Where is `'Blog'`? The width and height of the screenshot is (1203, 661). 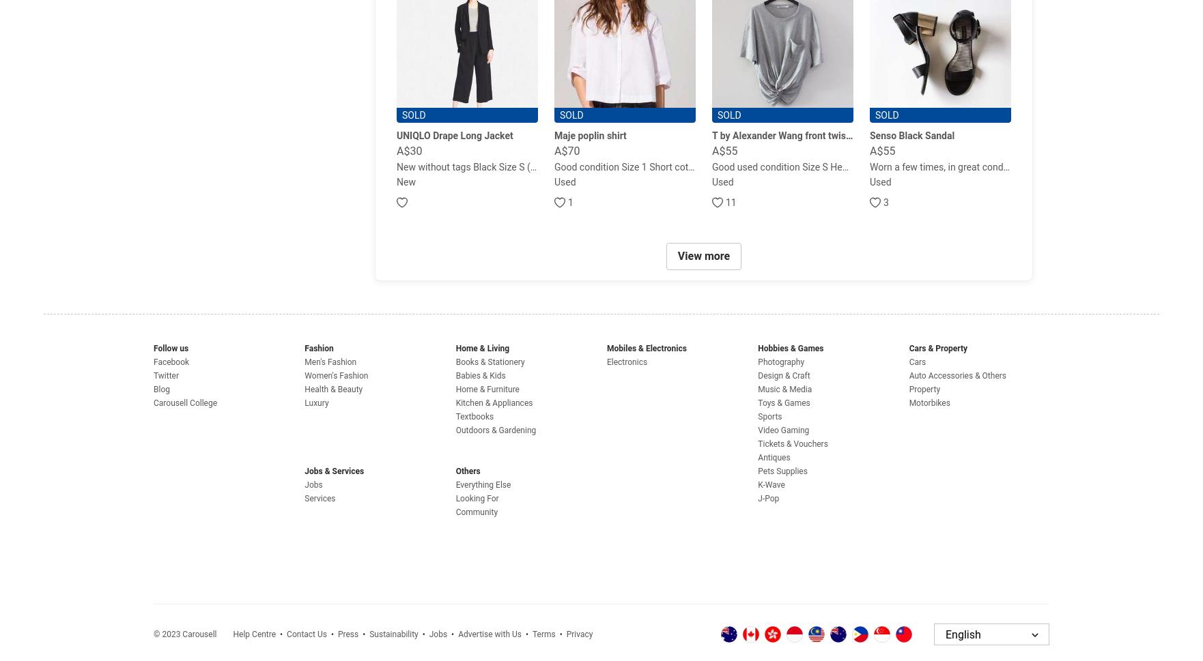 'Blog' is located at coordinates (161, 390).